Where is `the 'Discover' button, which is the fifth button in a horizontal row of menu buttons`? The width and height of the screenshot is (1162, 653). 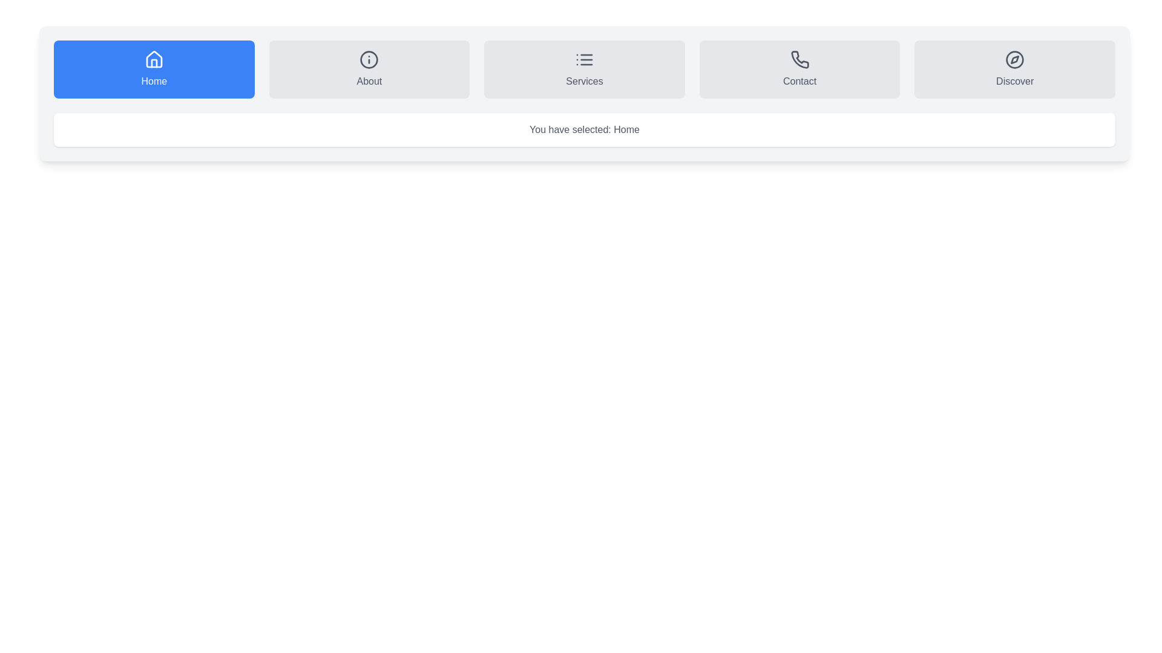 the 'Discover' button, which is the fifth button in a horizontal row of menu buttons is located at coordinates (1014, 70).